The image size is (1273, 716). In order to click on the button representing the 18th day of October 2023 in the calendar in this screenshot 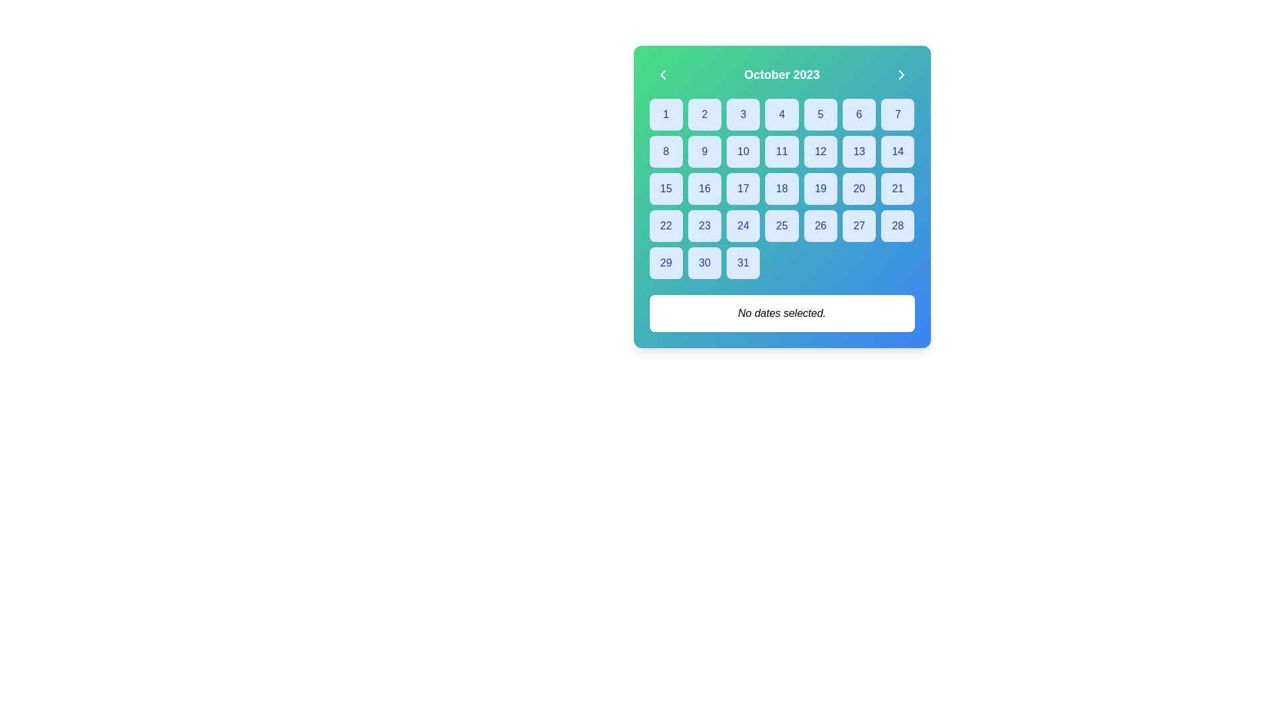, I will do `click(782, 189)`.